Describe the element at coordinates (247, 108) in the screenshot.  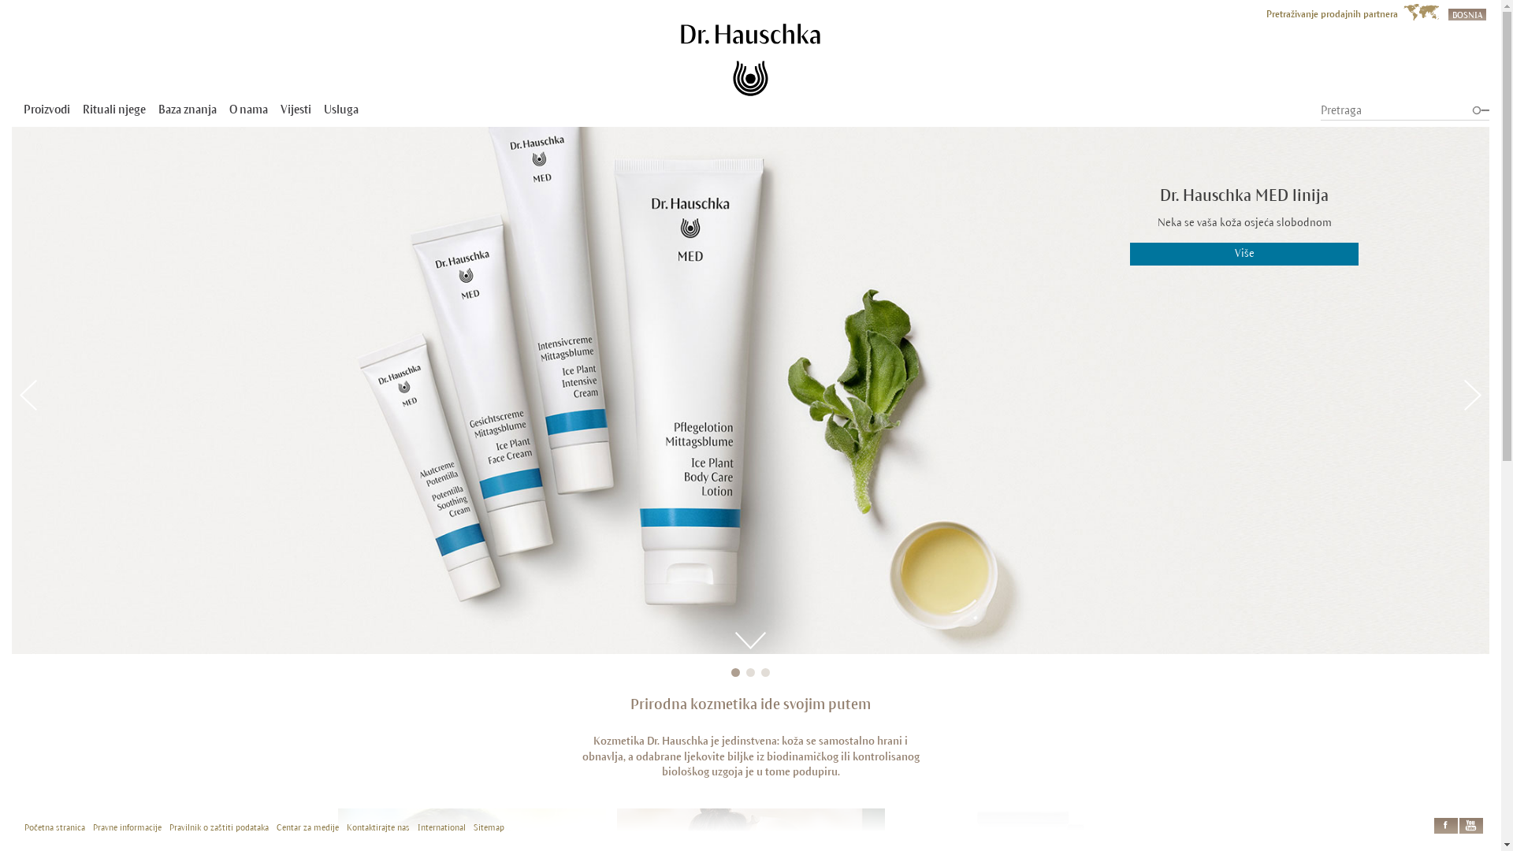
I see `'O nama'` at that location.